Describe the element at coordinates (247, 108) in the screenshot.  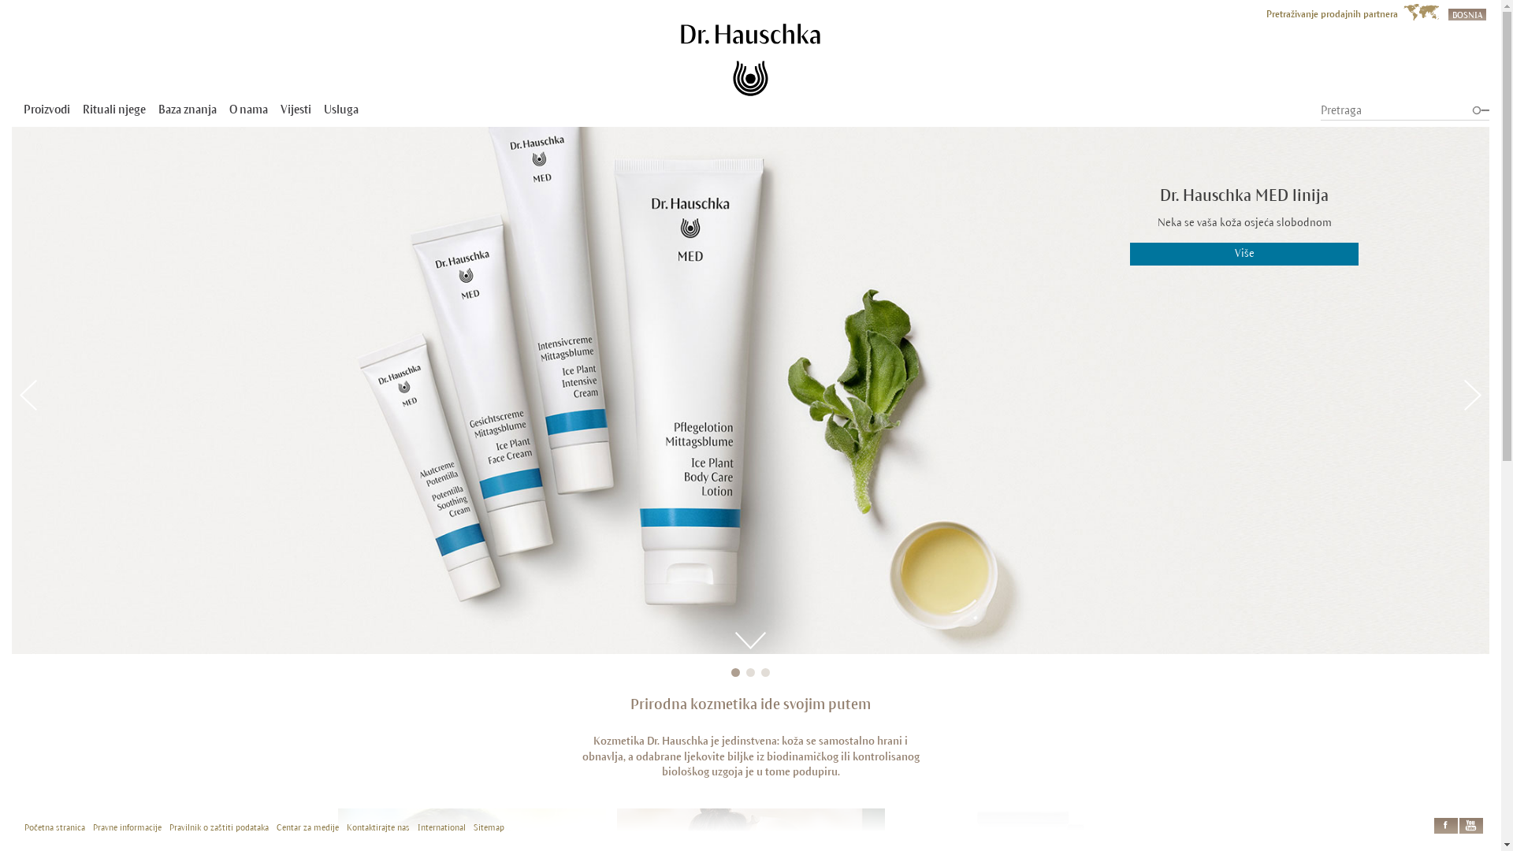
I see `'O nama'` at that location.